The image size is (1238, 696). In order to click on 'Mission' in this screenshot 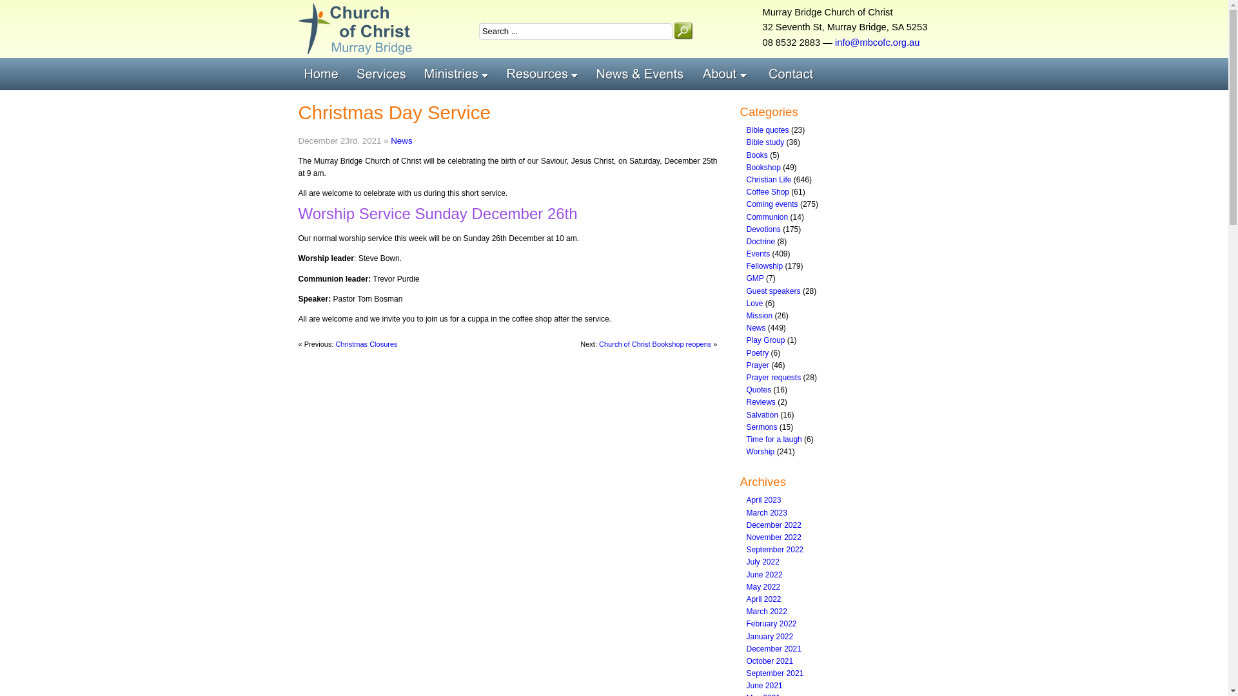, I will do `click(746, 315)`.